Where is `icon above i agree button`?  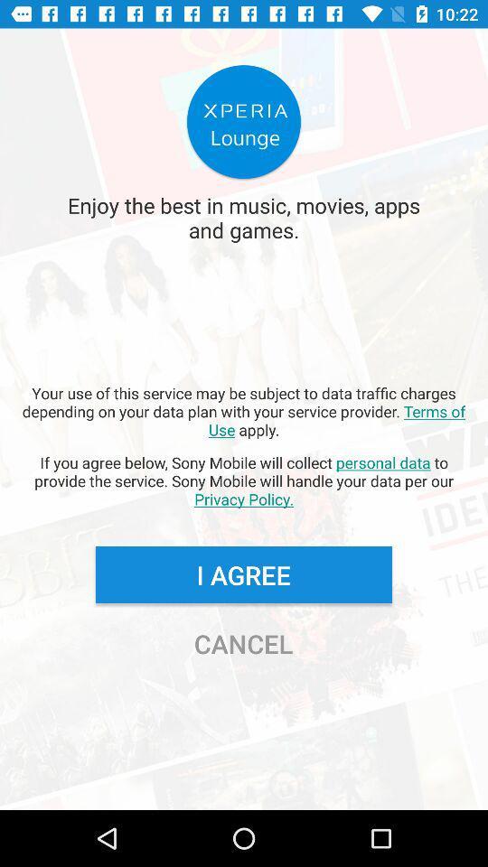
icon above i agree button is located at coordinates (244, 480).